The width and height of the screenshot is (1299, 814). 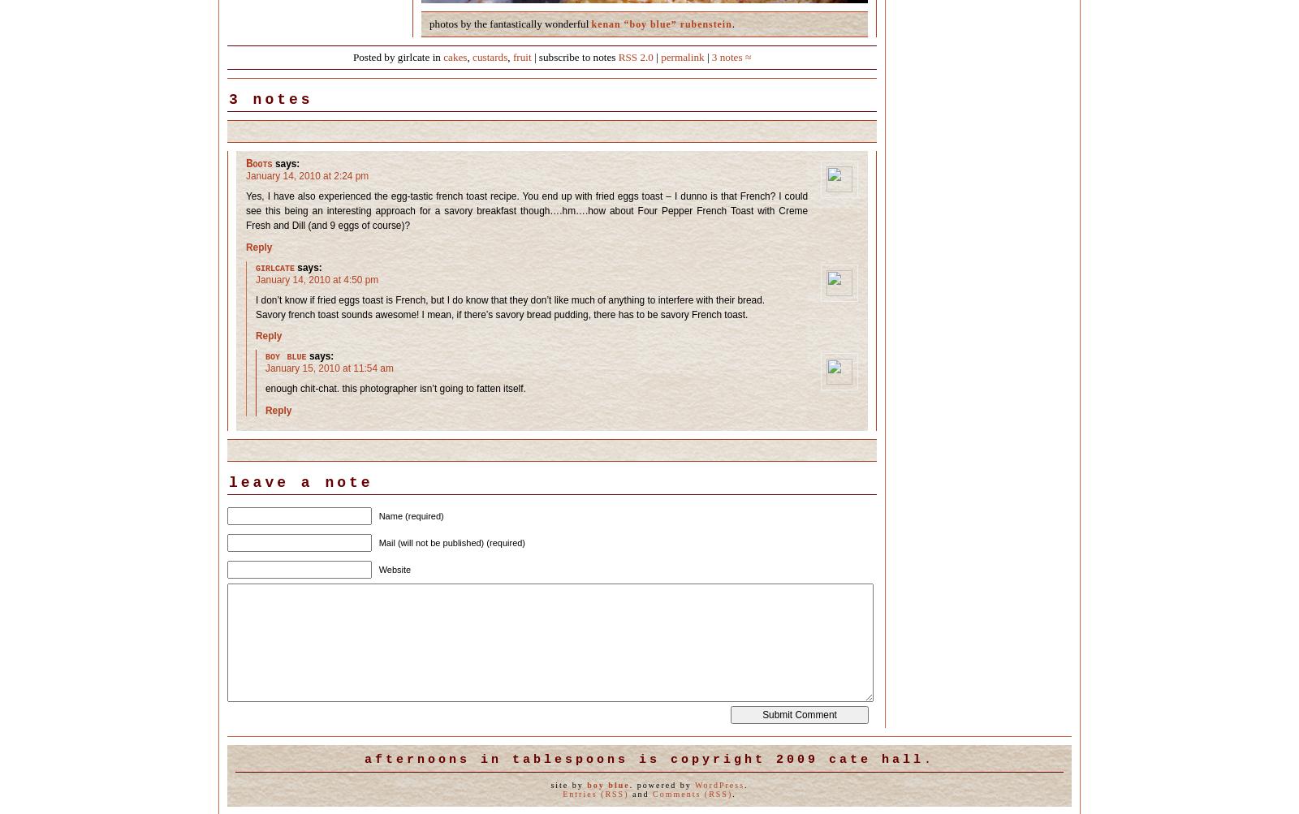 I want to click on 'cakes', so click(x=442, y=57).